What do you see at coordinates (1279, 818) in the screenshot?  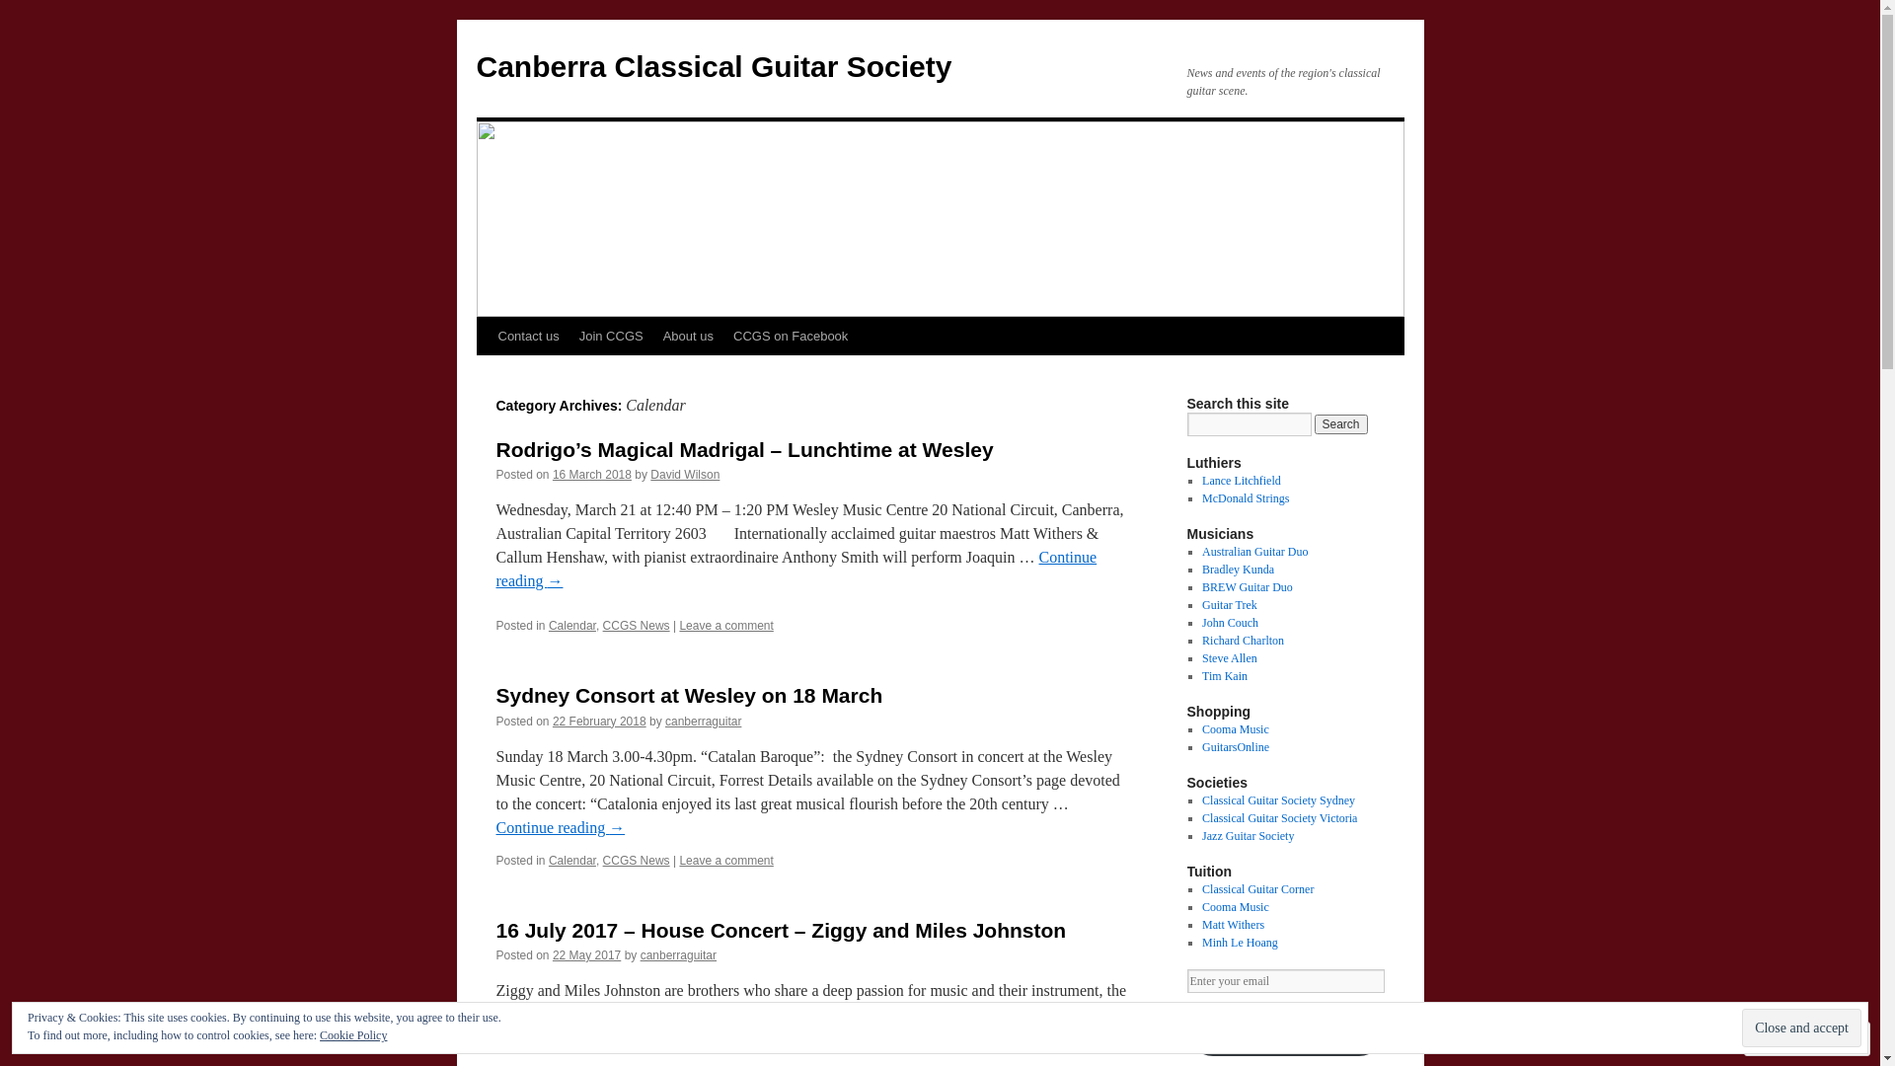 I see `'Classical Guitar Society Victoria'` at bounding box center [1279, 818].